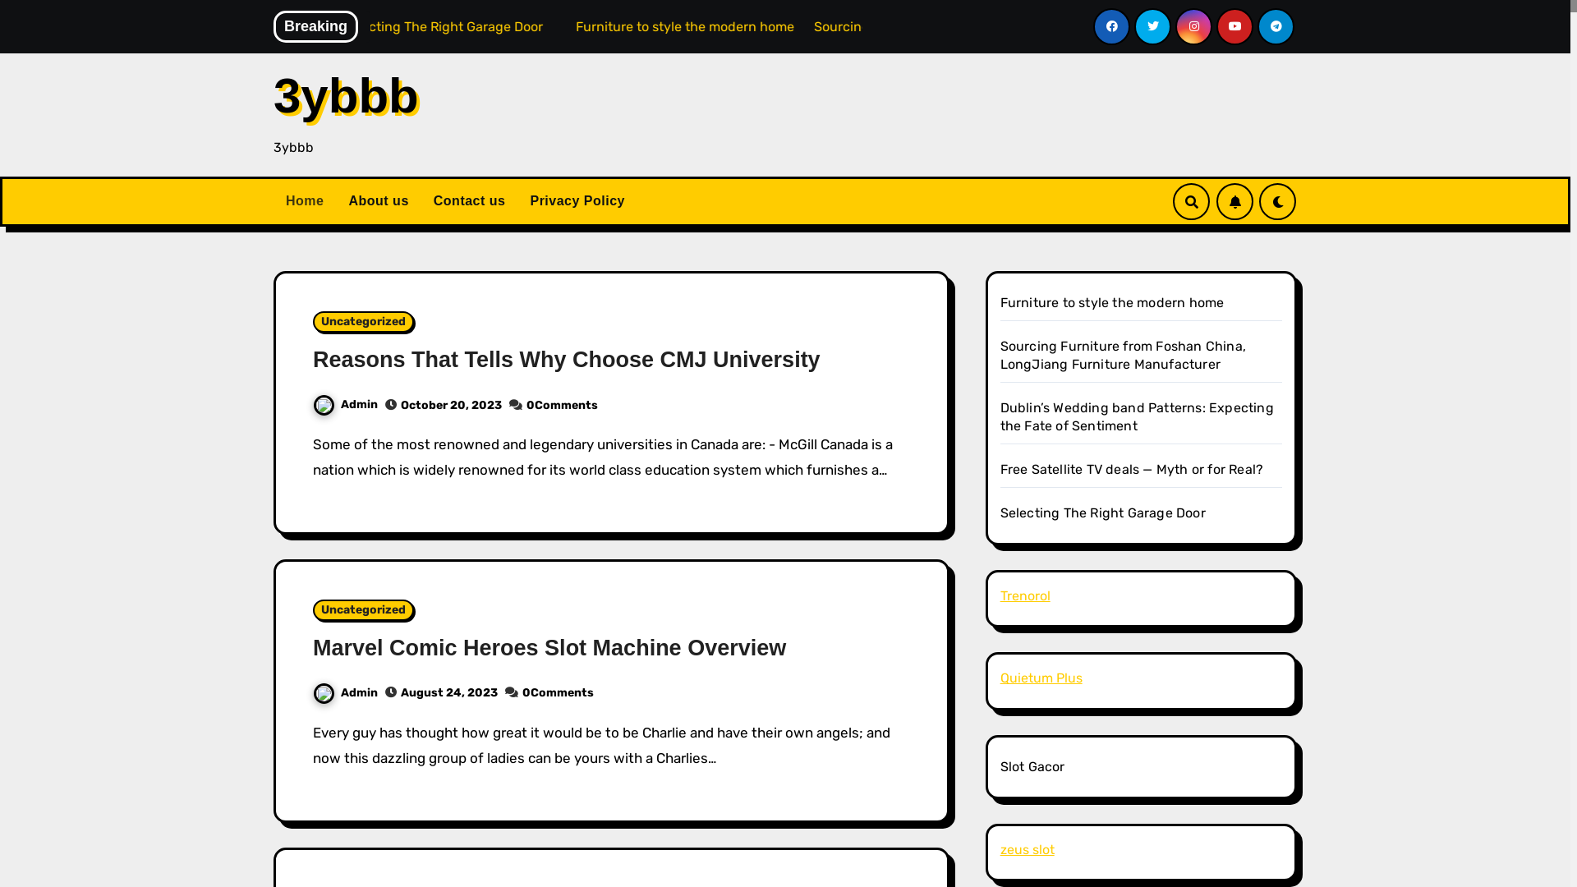  I want to click on '0Comments', so click(562, 405).